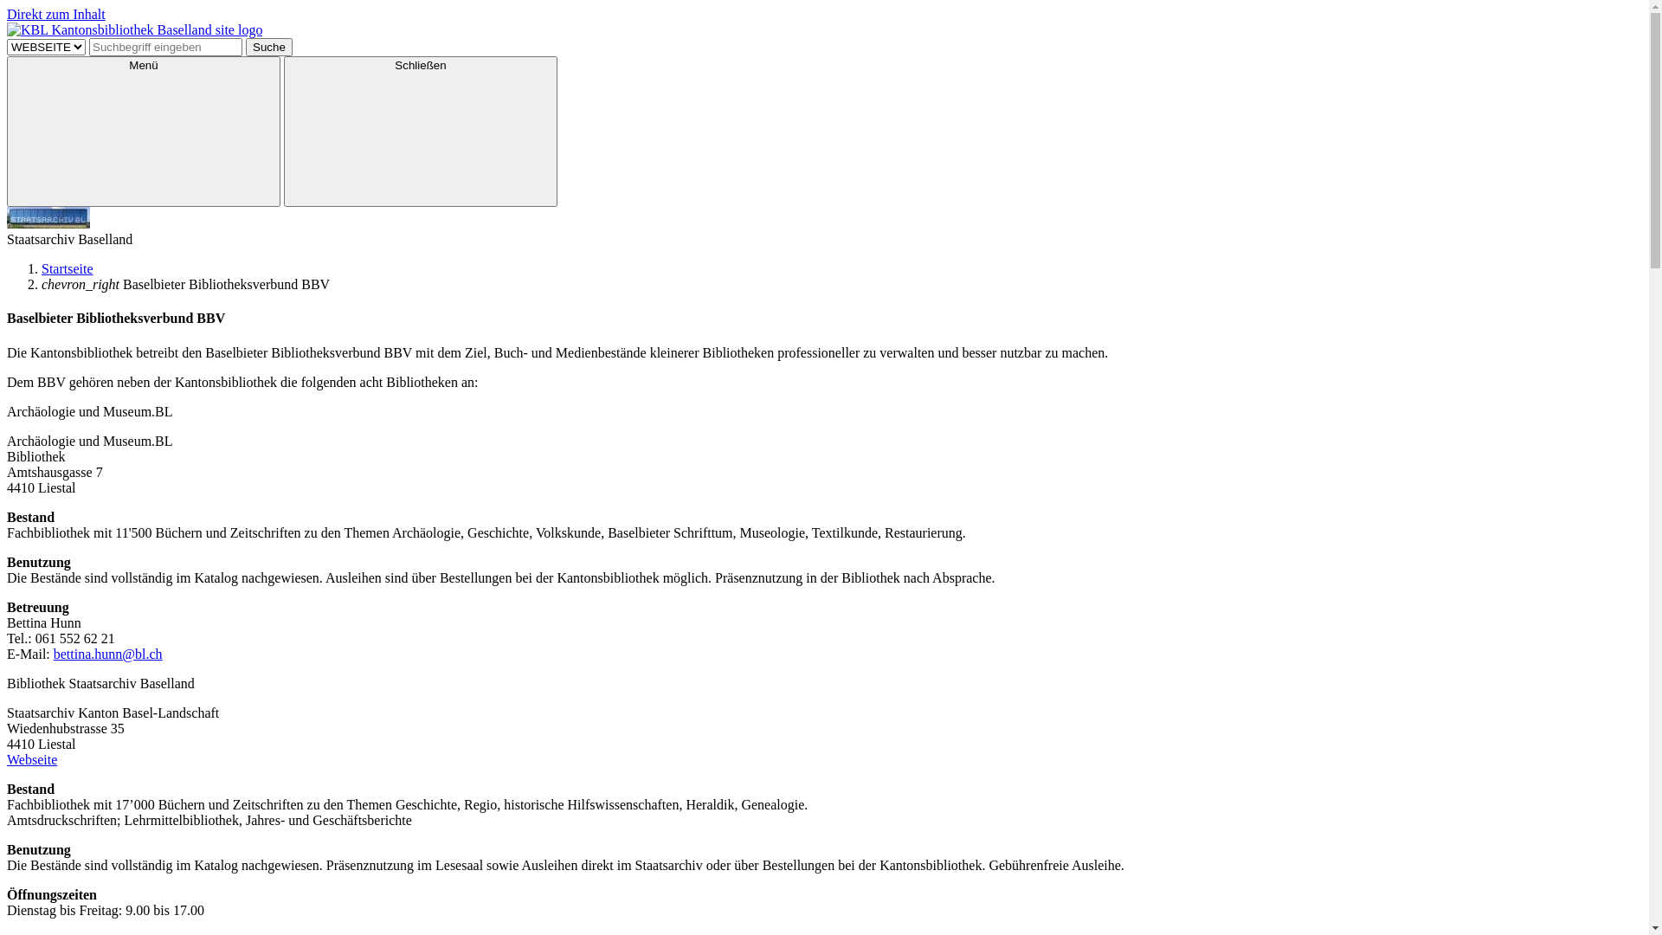  I want to click on 'Webseite', so click(32, 758).